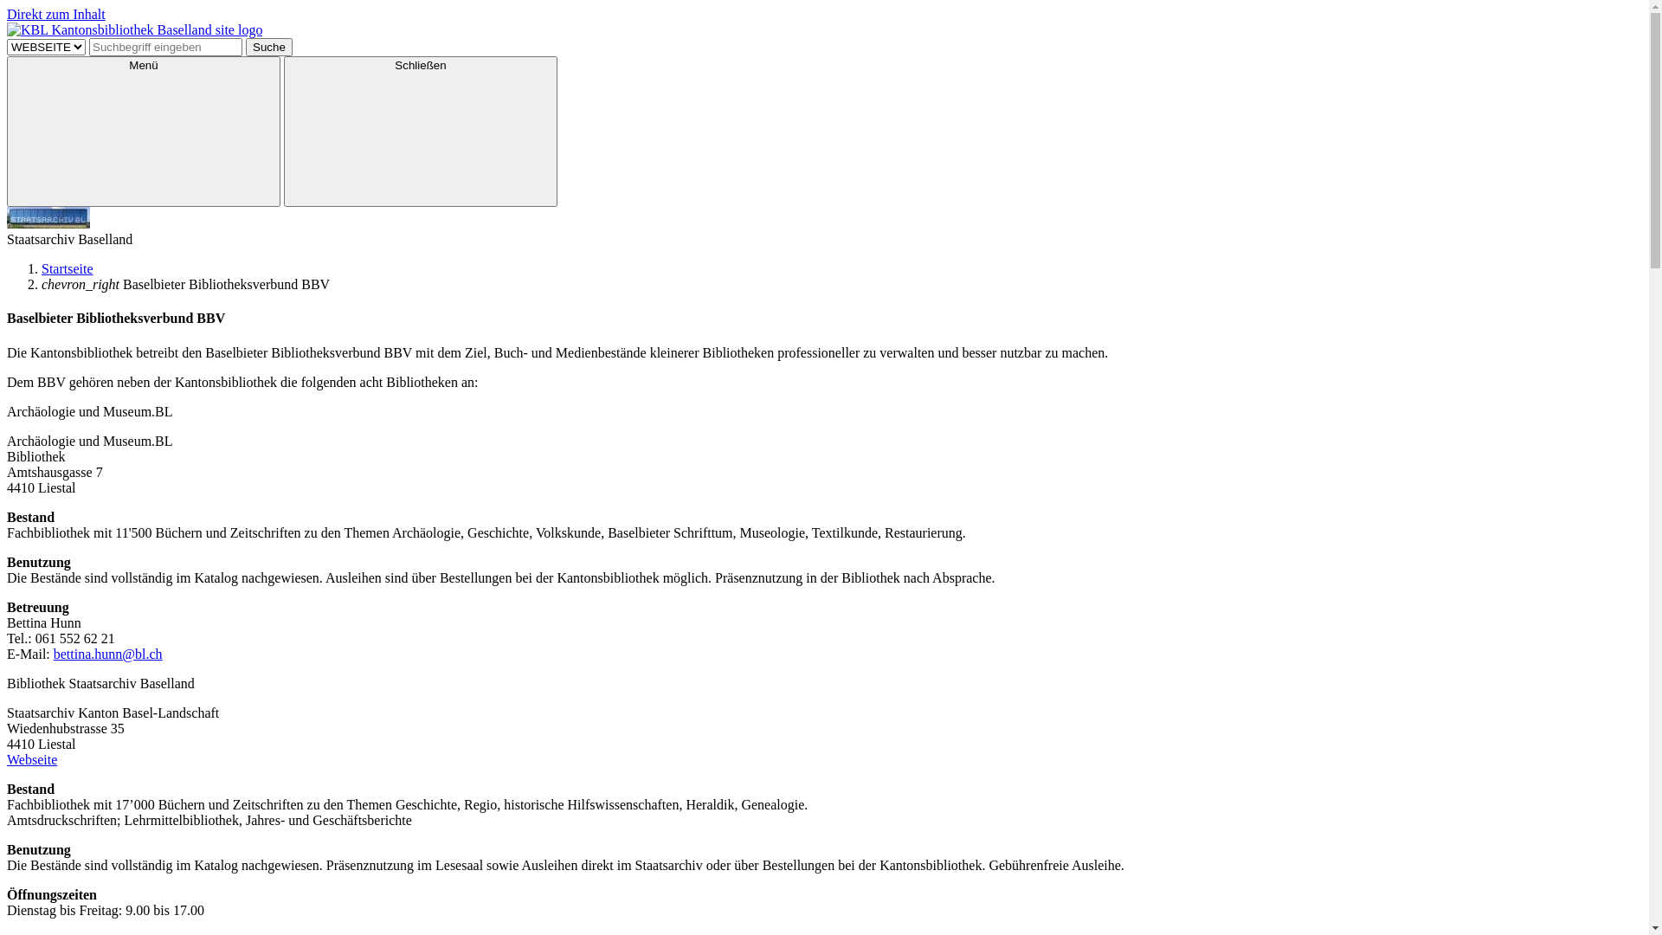  I want to click on 'Webseite', so click(32, 758).